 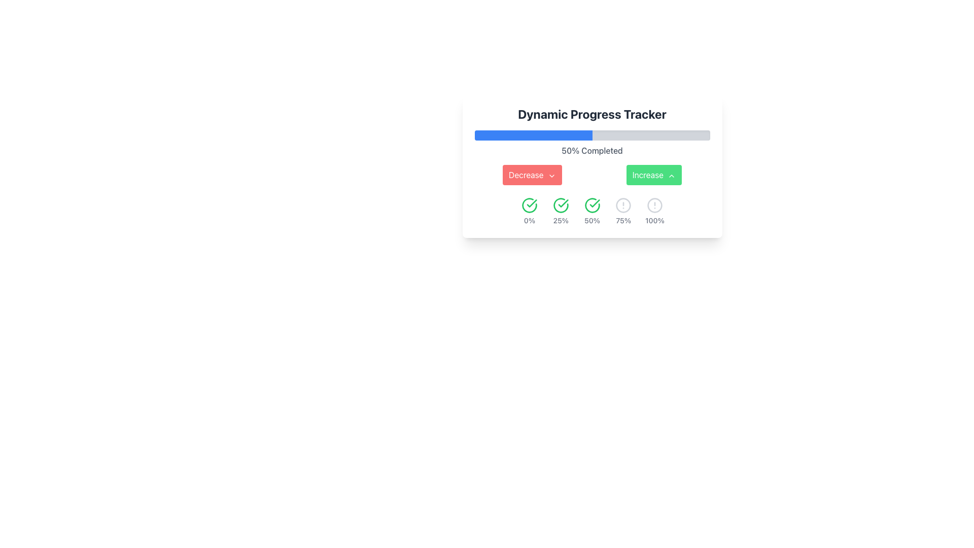 I want to click on the '75%' status indicator icon in the progress tracker, which is the fourth of five markers in a horizontal row, so click(x=623, y=205).